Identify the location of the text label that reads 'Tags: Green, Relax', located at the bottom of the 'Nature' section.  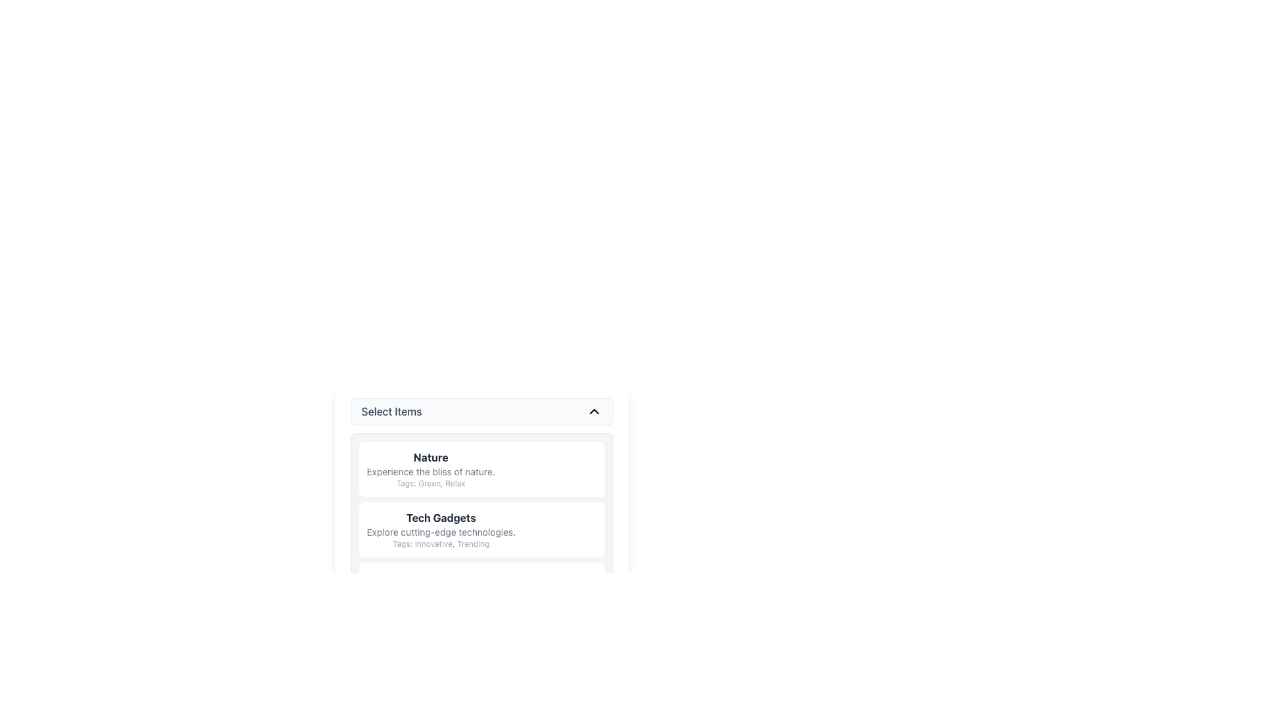
(431, 483).